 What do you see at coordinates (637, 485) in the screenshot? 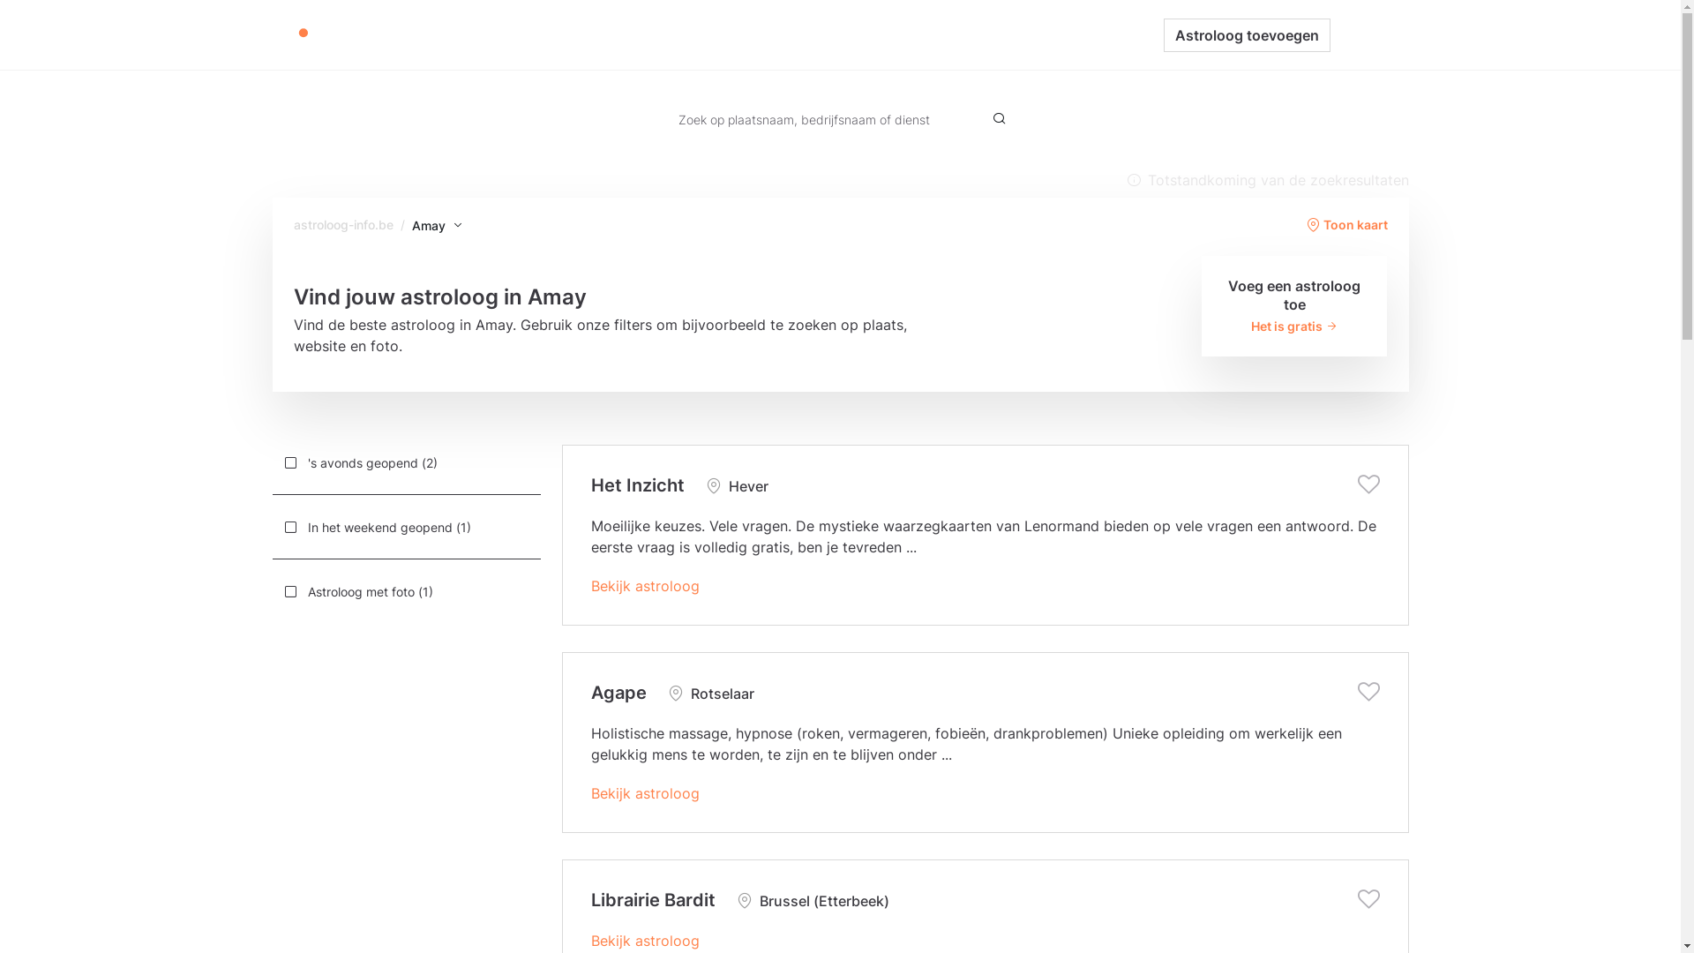
I see `'Het Inzicht'` at bounding box center [637, 485].